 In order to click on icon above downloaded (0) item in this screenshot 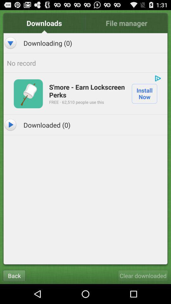, I will do `click(28, 93)`.